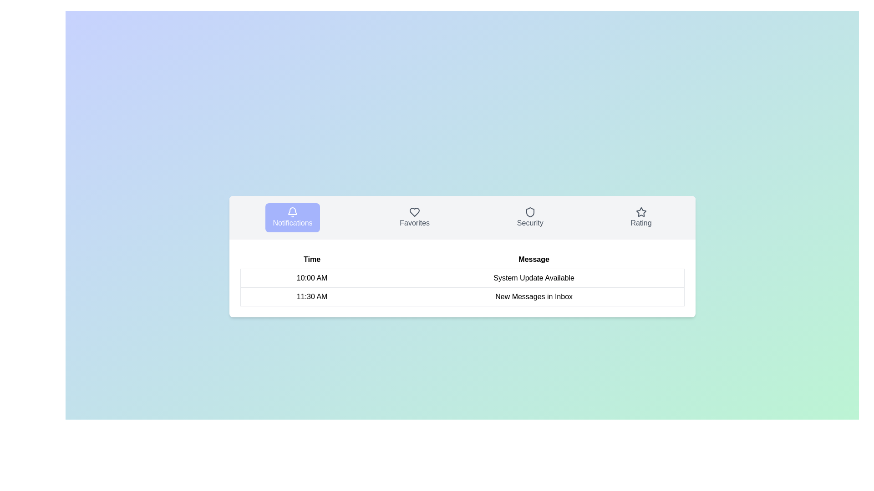 The height and width of the screenshot is (491, 874). What do you see at coordinates (312, 296) in the screenshot?
I see `the text label displaying '11:30 AM' located in the second row under the 'Time' column of the notification table` at bounding box center [312, 296].